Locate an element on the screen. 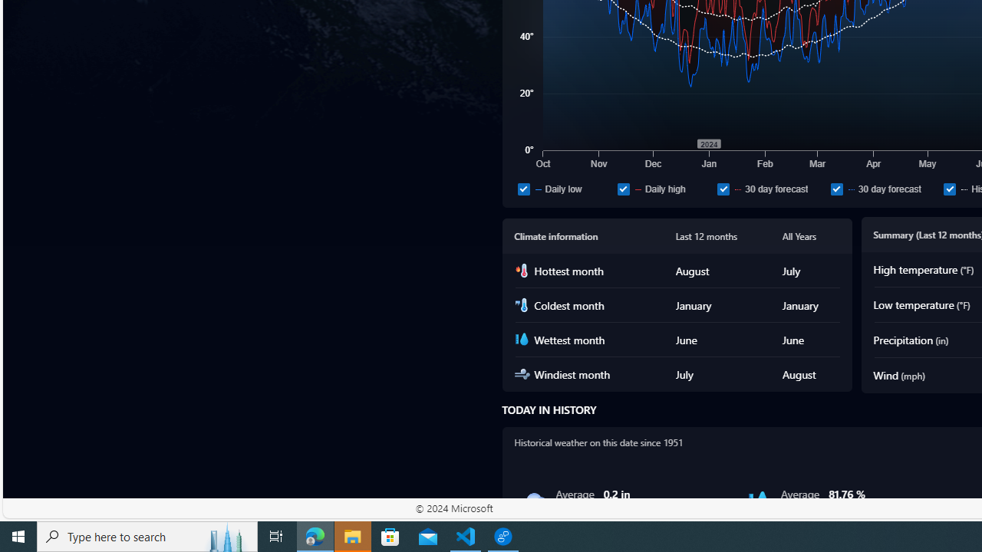  '30 day forecast' is located at coordinates (884, 188).